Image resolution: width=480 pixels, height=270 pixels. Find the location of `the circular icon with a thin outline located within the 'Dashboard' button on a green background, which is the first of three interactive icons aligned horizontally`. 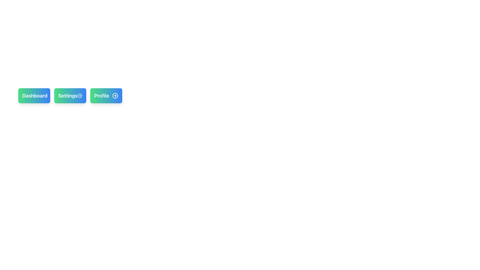

the circular icon with a thin outline located within the 'Dashboard' button on a green background, which is the first of three interactive icons aligned horizontally is located at coordinates (50, 95).